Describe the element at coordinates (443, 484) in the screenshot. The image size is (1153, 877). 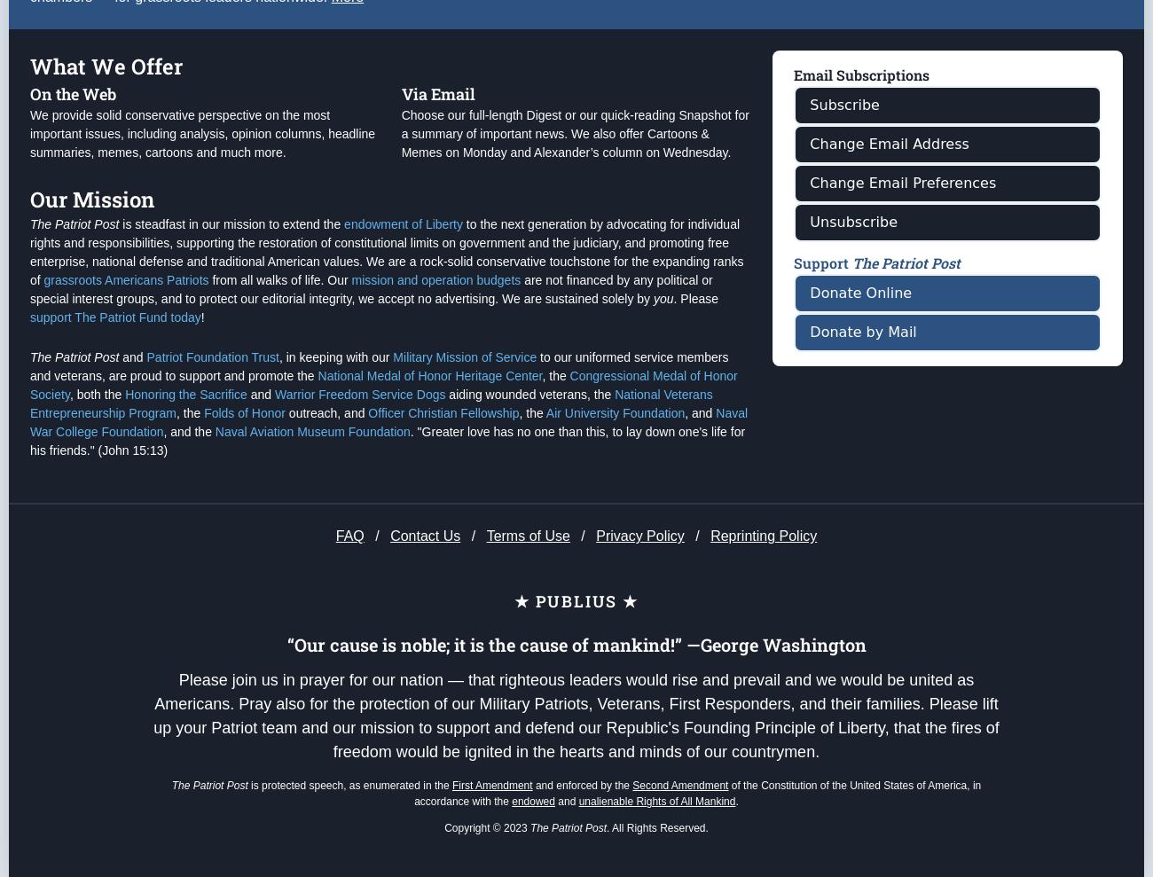
I see `'Officer Christian Fellowship'` at that location.